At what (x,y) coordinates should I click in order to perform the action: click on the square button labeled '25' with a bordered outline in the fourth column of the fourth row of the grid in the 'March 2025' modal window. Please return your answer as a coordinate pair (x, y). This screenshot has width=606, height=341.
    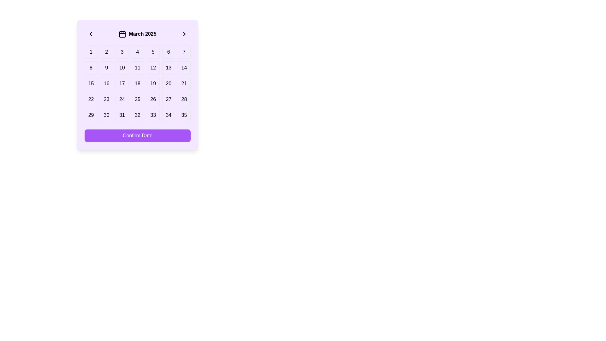
    Looking at the image, I should click on (137, 99).